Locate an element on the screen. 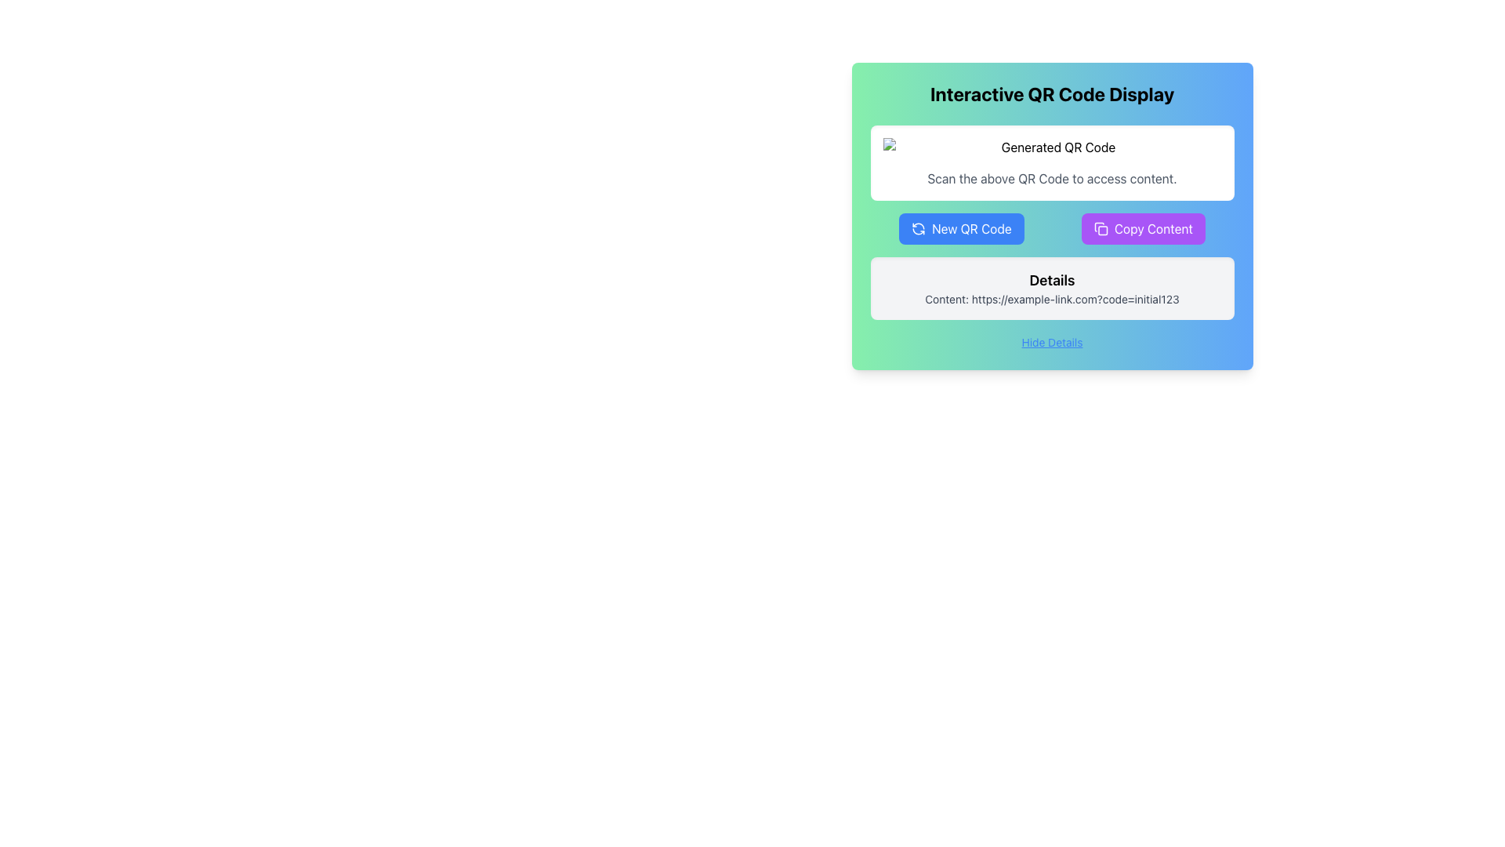 The width and height of the screenshot is (1505, 847). the refresh icon to the left of the 'New QR Code' text inside the blue button is located at coordinates (919, 229).